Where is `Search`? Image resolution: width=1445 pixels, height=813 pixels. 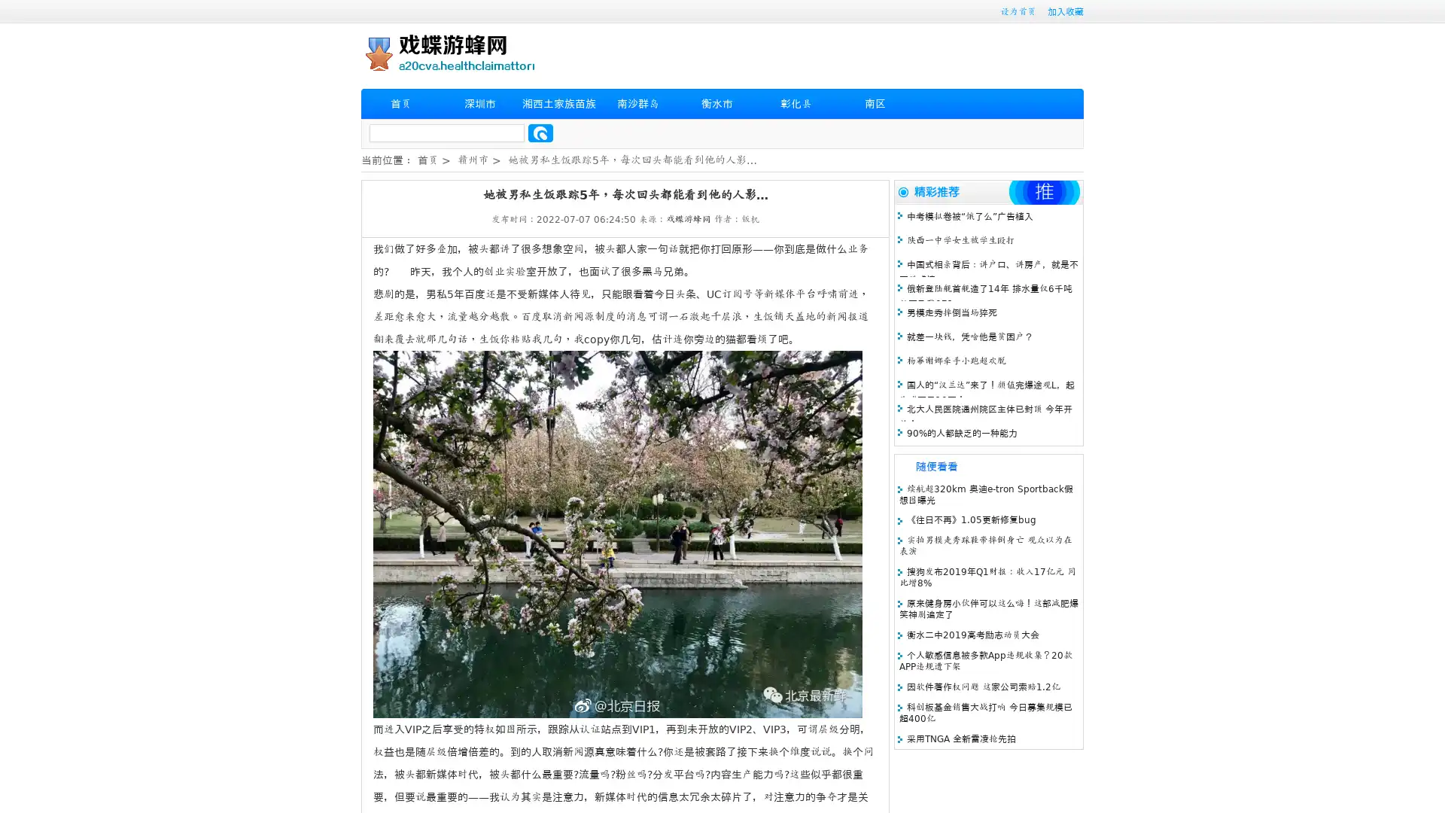
Search is located at coordinates (540, 132).